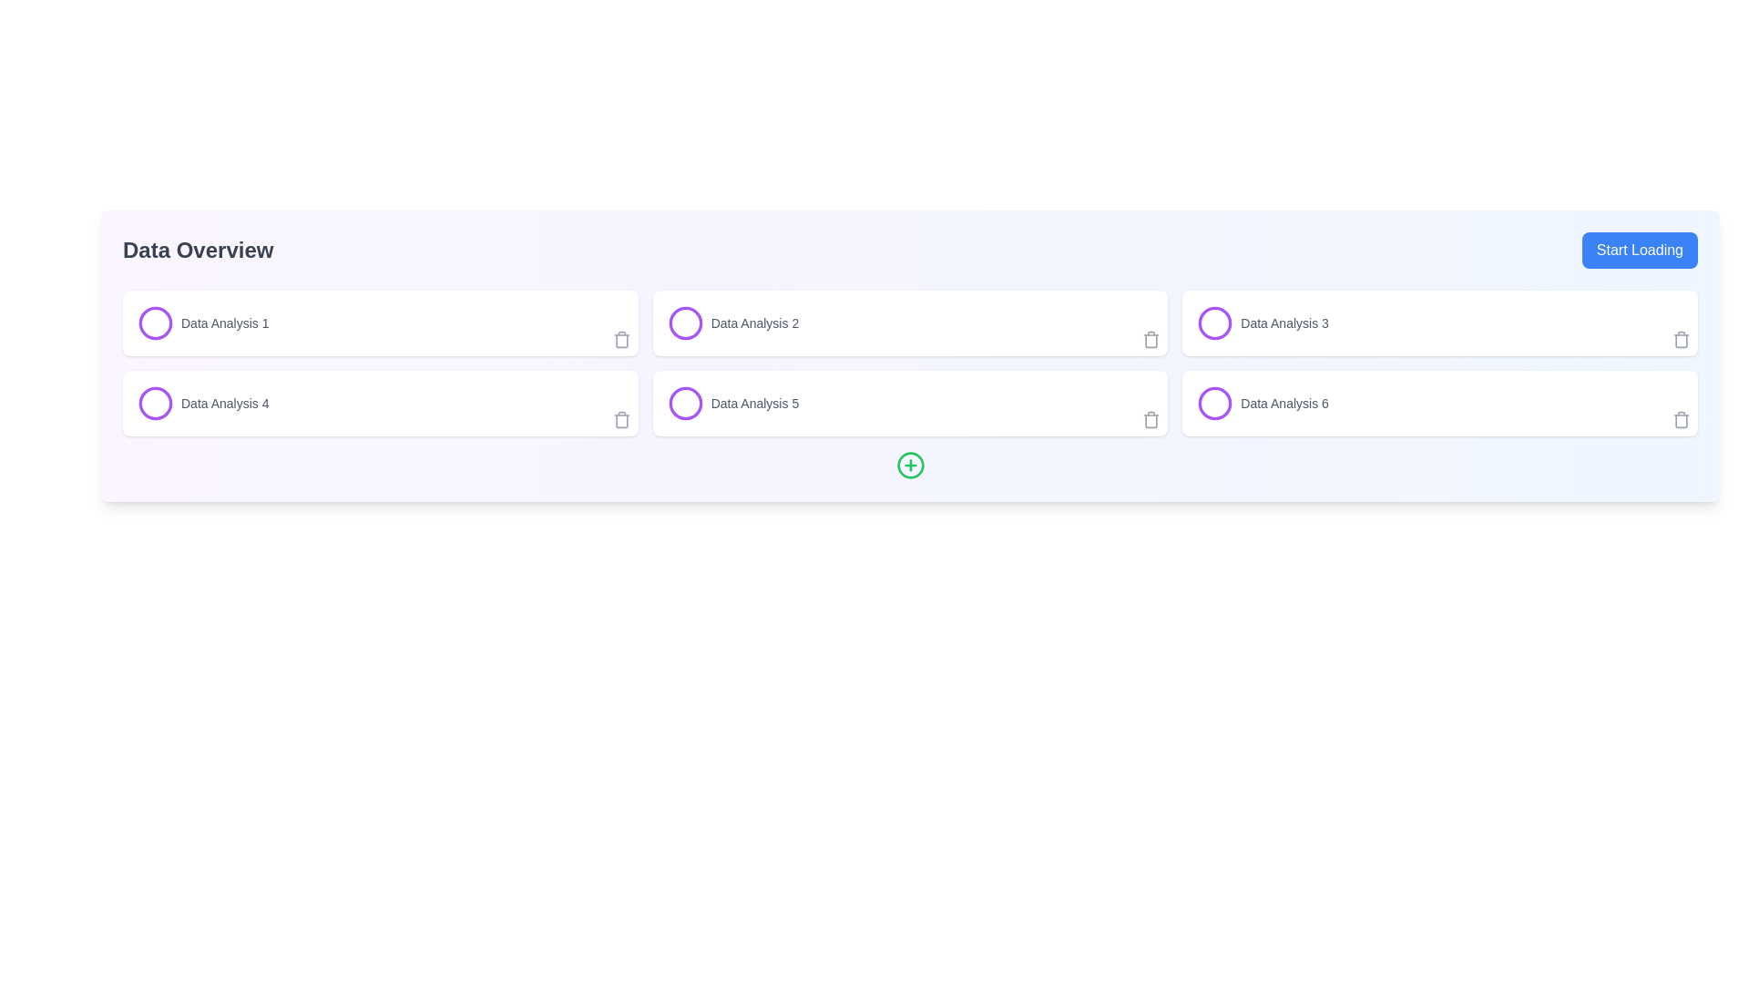 Image resolution: width=1749 pixels, height=984 pixels. Describe the element at coordinates (224, 322) in the screenshot. I see `text content of the label displaying 'Data Analysis 1', located in the top-left segment of a 2x3 grid layout` at that location.